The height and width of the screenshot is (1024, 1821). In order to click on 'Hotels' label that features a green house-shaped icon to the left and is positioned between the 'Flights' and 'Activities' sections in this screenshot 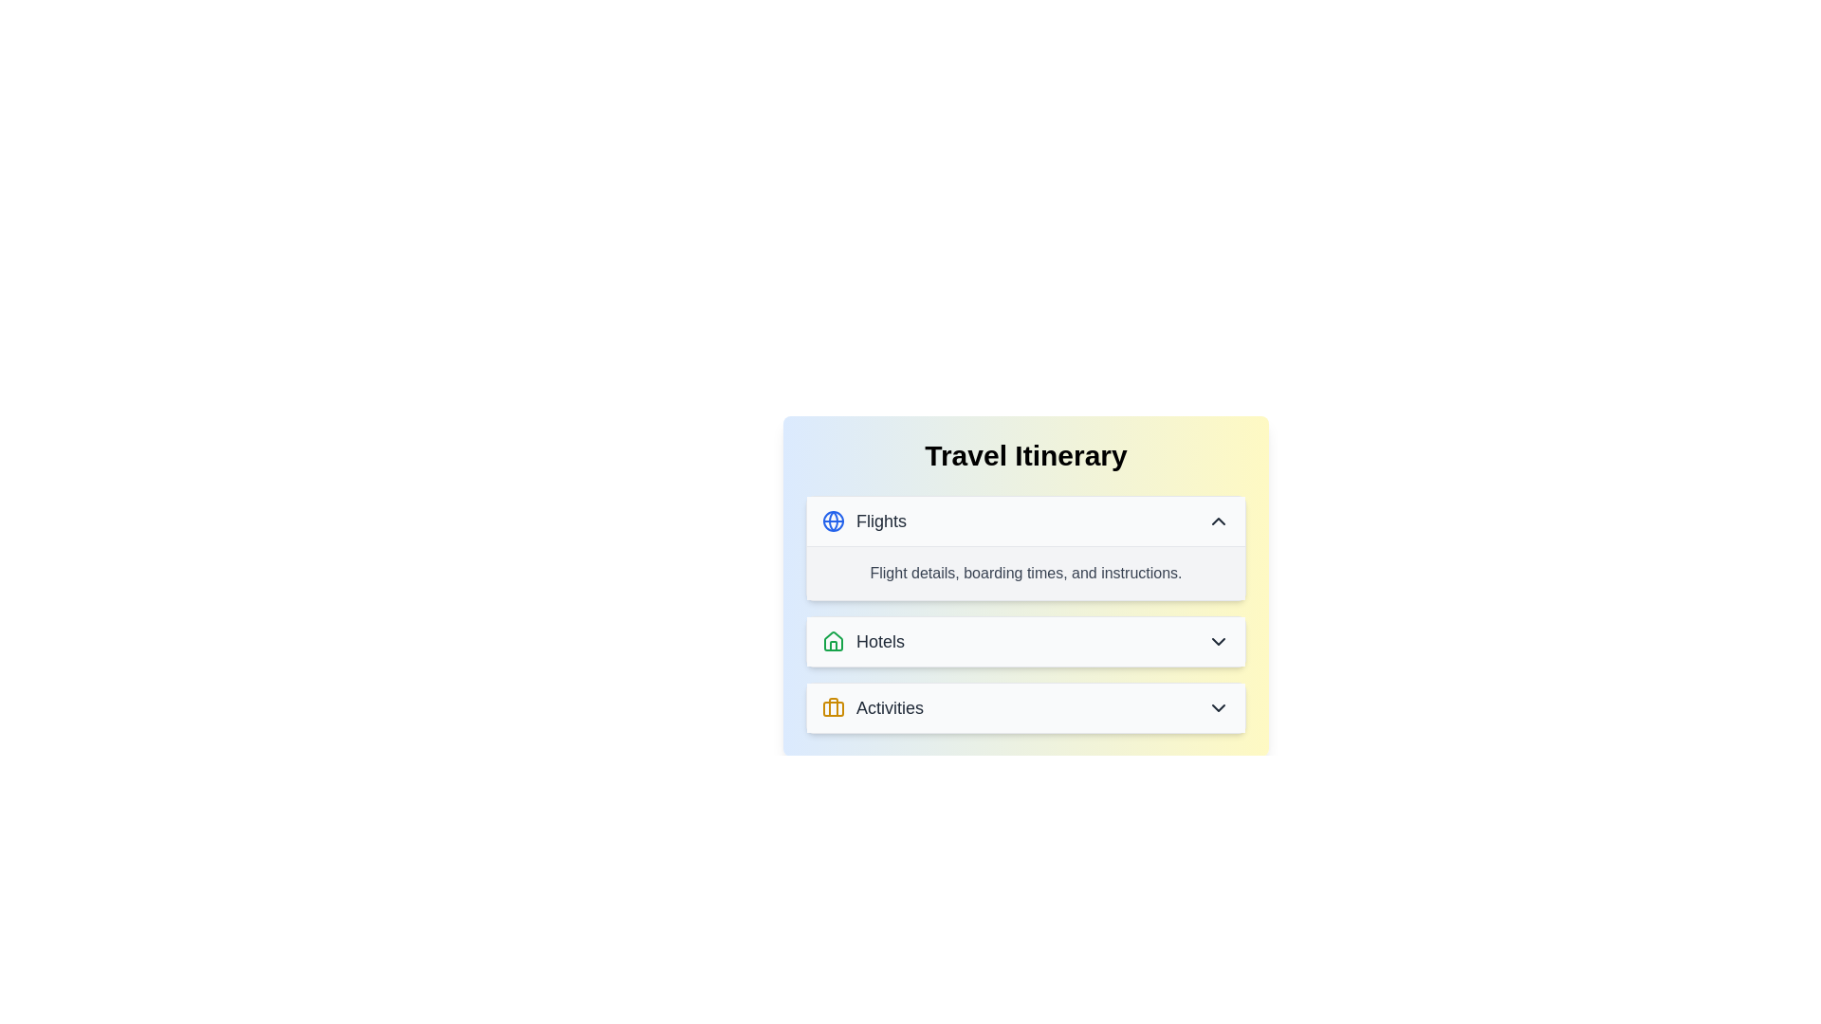, I will do `click(862, 641)`.